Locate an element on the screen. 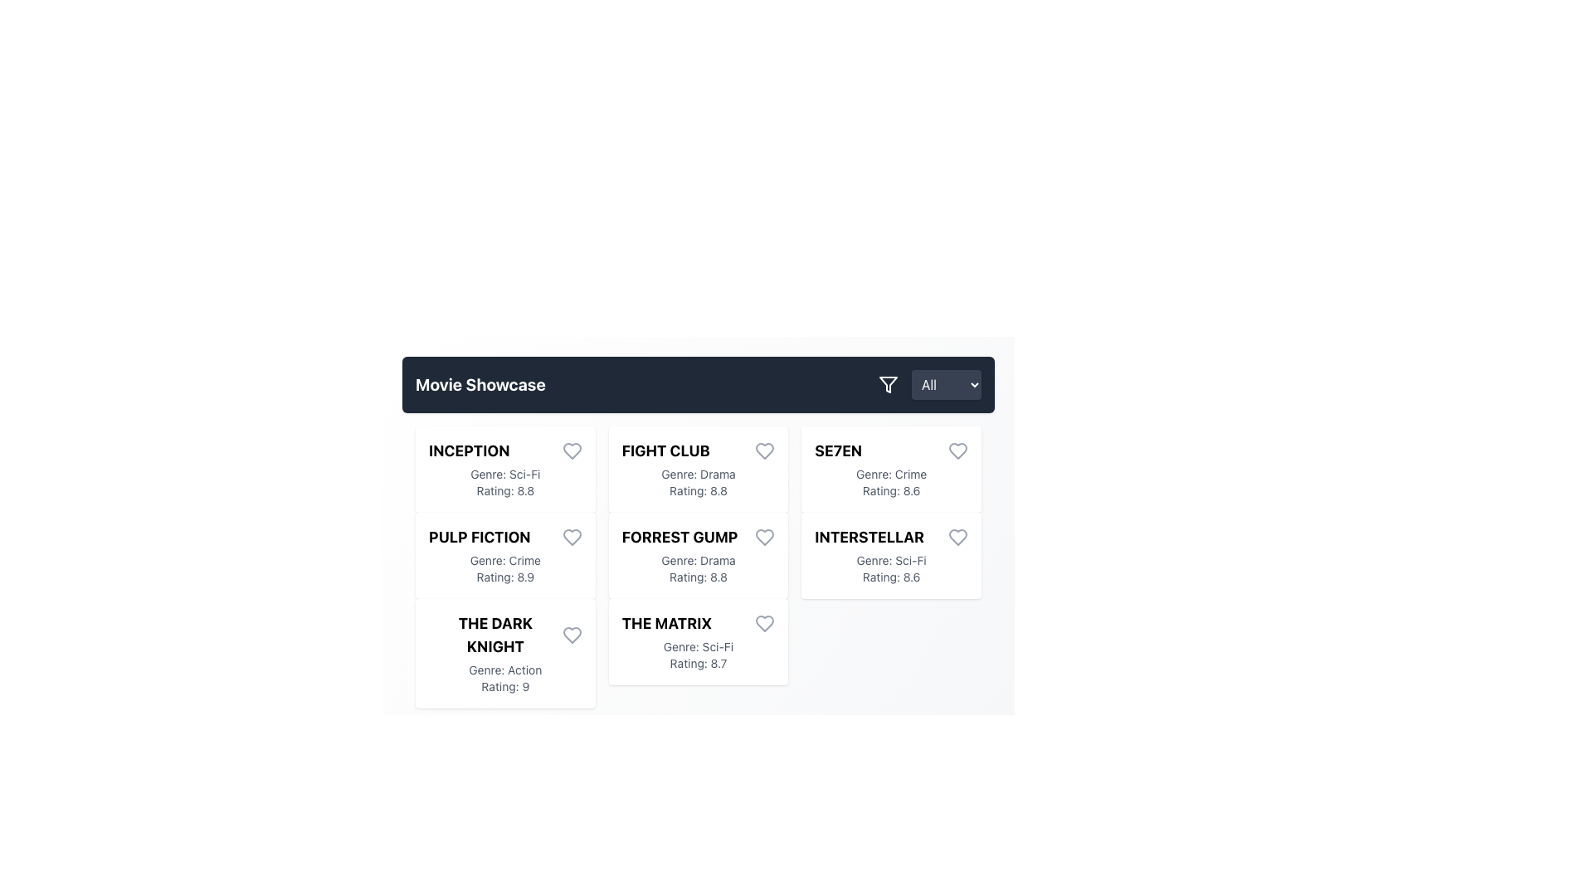 The height and width of the screenshot is (896, 1593). the heart icon representing the 'like' or 'favorite' functionality for the movie 'SE7EN' is located at coordinates (957, 450).